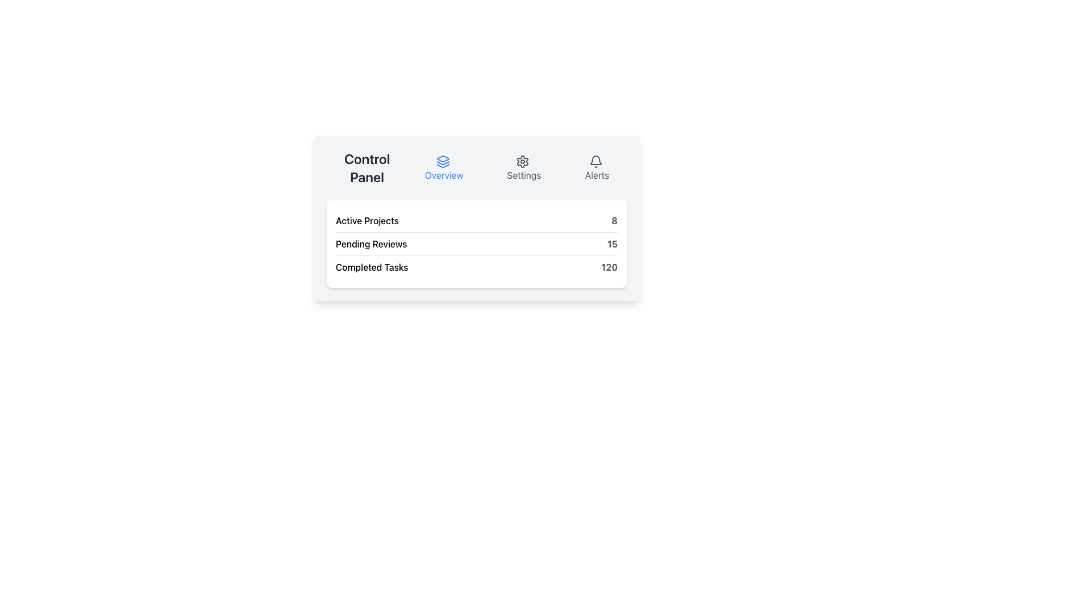  I want to click on the upper section of the bell icon graphic which is part of the Alerts button, so click(595, 160).